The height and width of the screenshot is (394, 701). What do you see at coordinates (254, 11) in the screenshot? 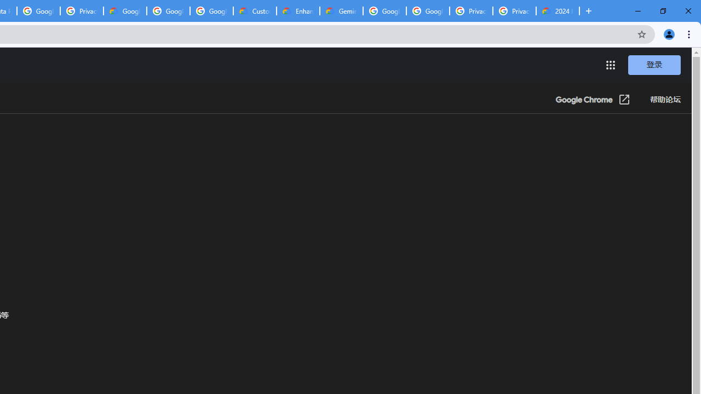
I see `'Customer Care | Google Cloud'` at bounding box center [254, 11].